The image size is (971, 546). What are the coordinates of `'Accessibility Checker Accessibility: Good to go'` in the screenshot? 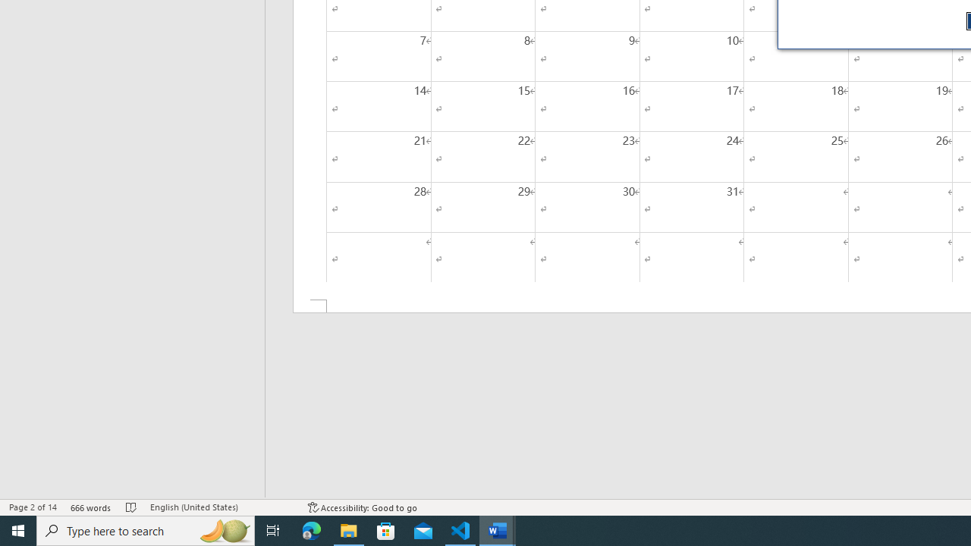 It's located at (362, 507).